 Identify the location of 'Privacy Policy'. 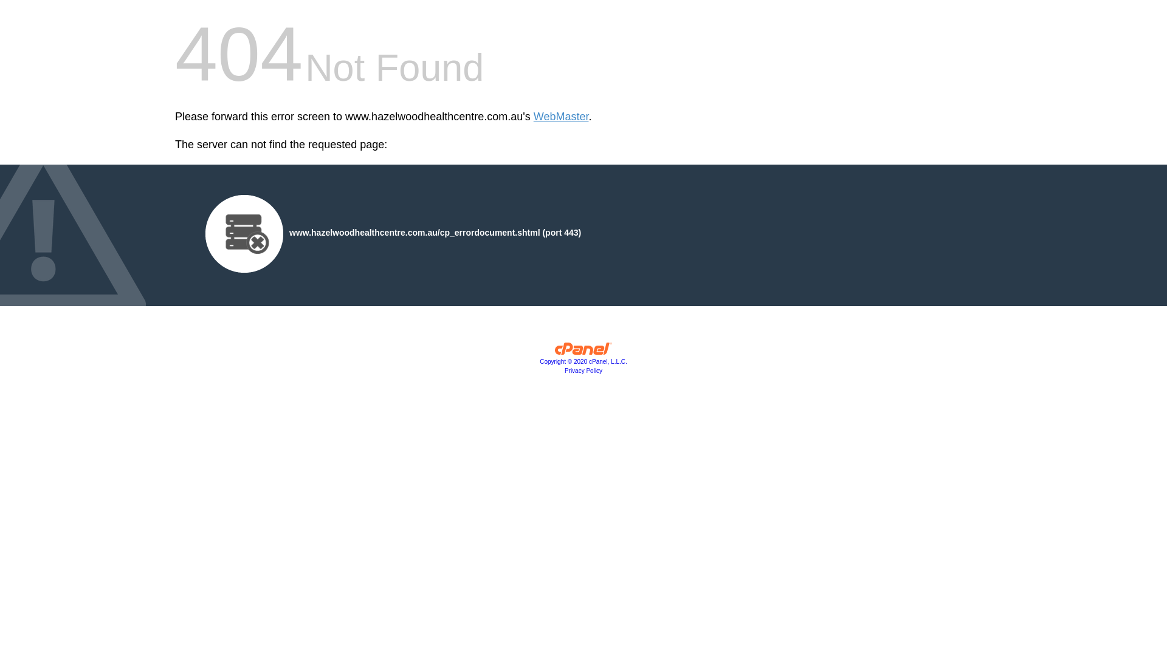
(583, 370).